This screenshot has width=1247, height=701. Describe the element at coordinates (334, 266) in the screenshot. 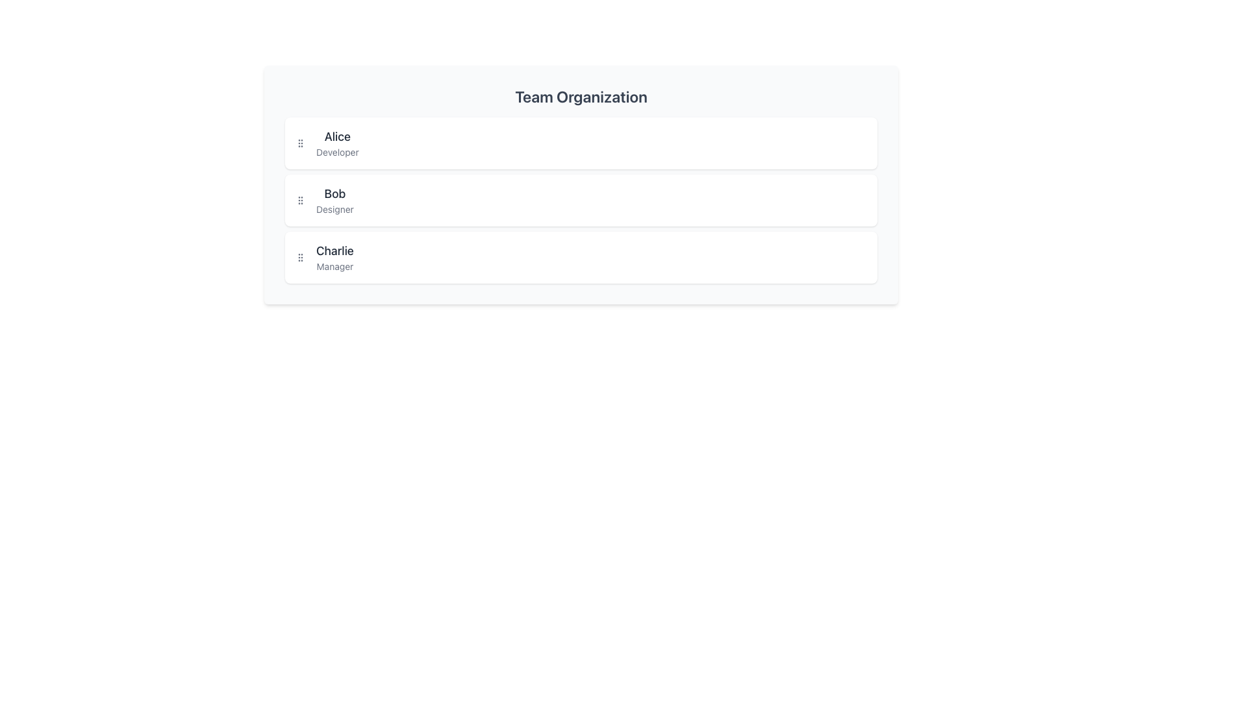

I see `the label identifying the role of the individual named 'Charlie', which indicates 'Manager' and is positioned below the name 'Charlie'` at that location.